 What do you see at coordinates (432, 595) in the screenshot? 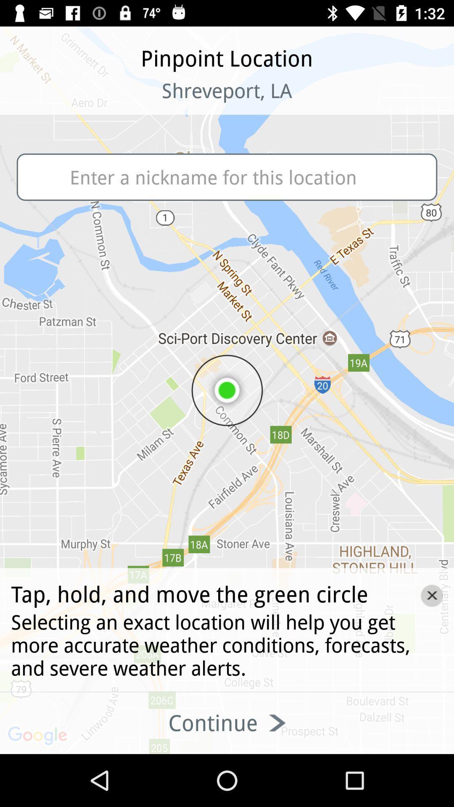
I see `the close icon` at bounding box center [432, 595].